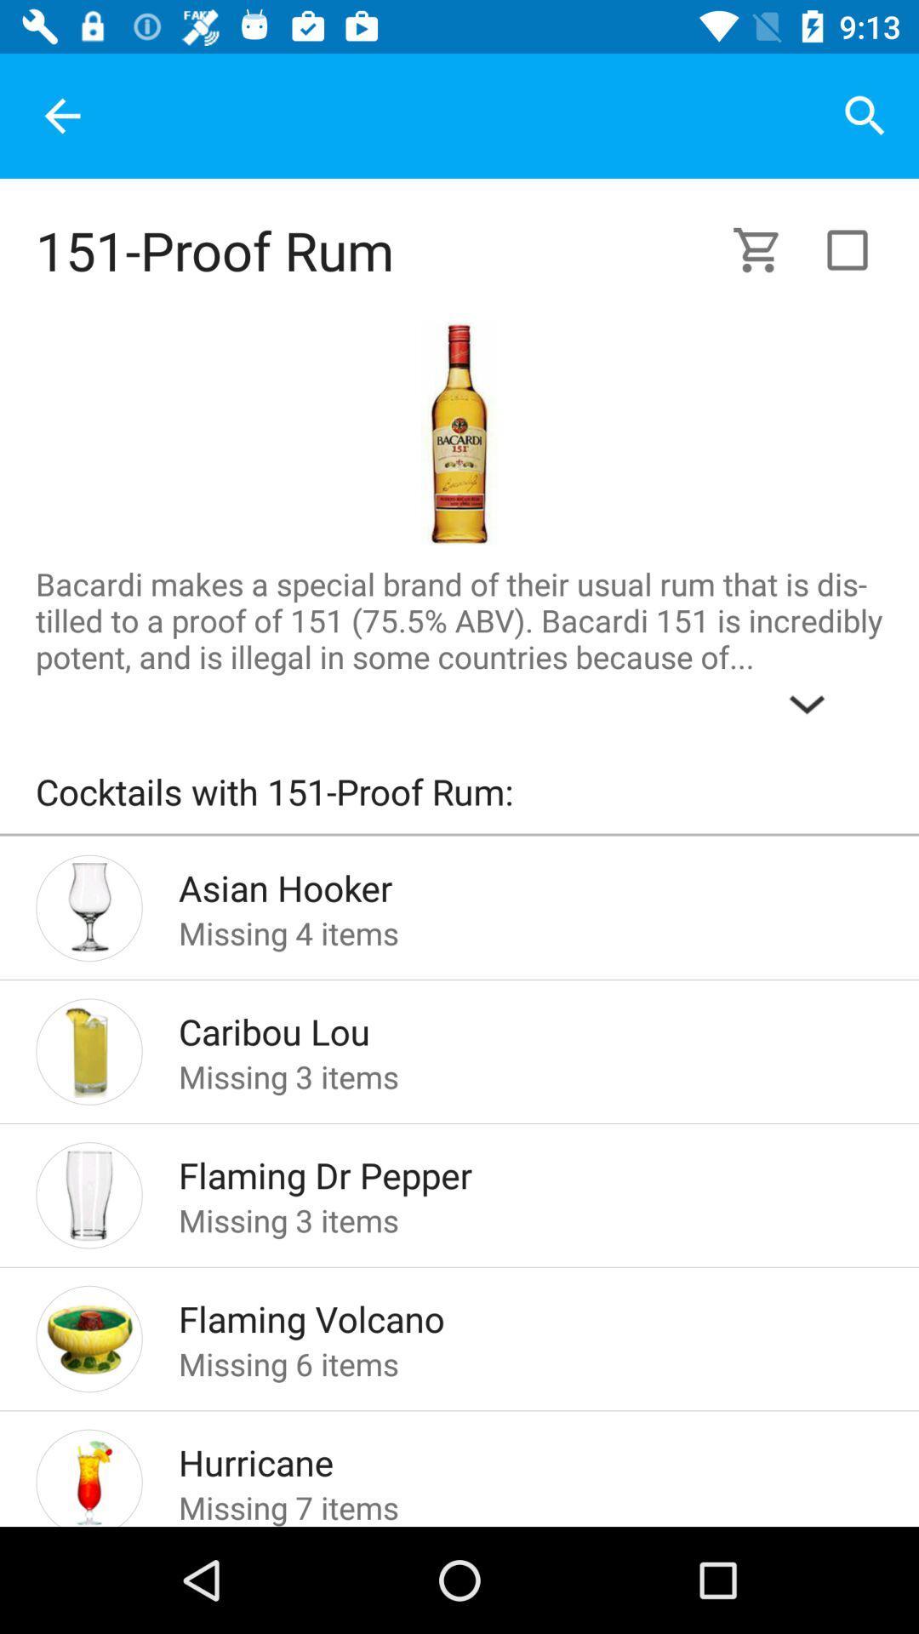  What do you see at coordinates (459, 799) in the screenshot?
I see `icon below bacardi makes a icon` at bounding box center [459, 799].